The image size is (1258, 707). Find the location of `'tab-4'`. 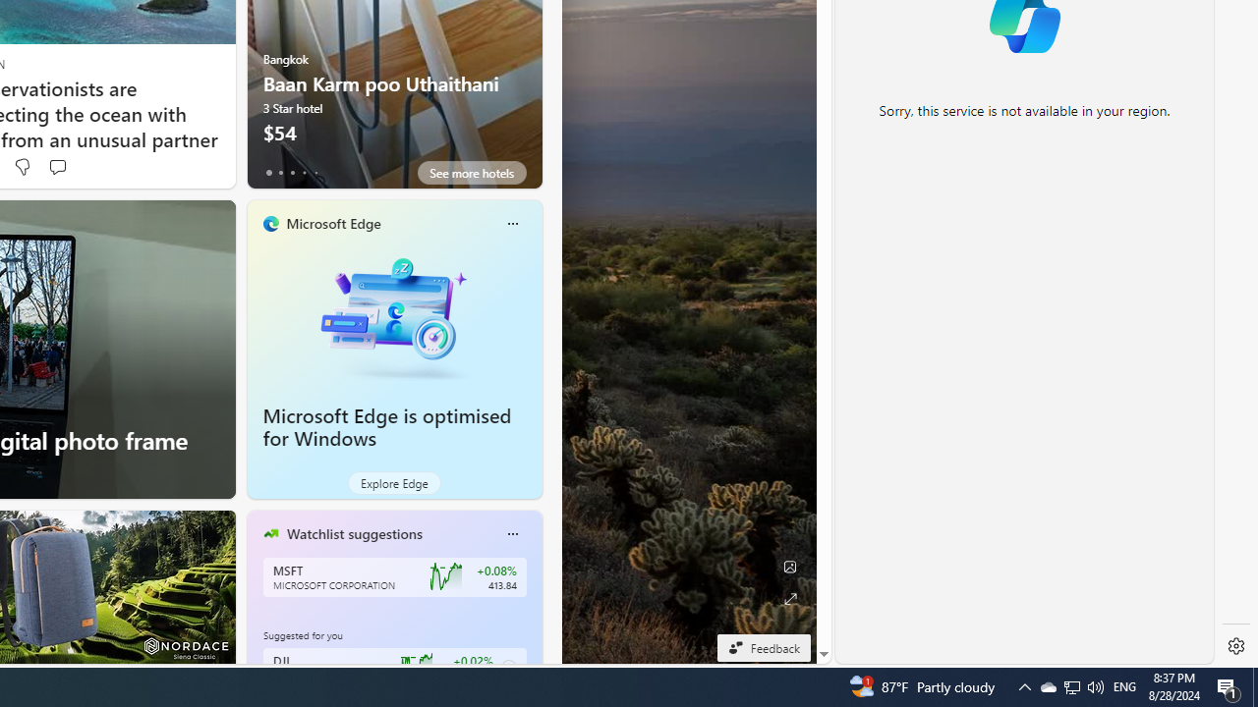

'tab-4' is located at coordinates (315, 172).